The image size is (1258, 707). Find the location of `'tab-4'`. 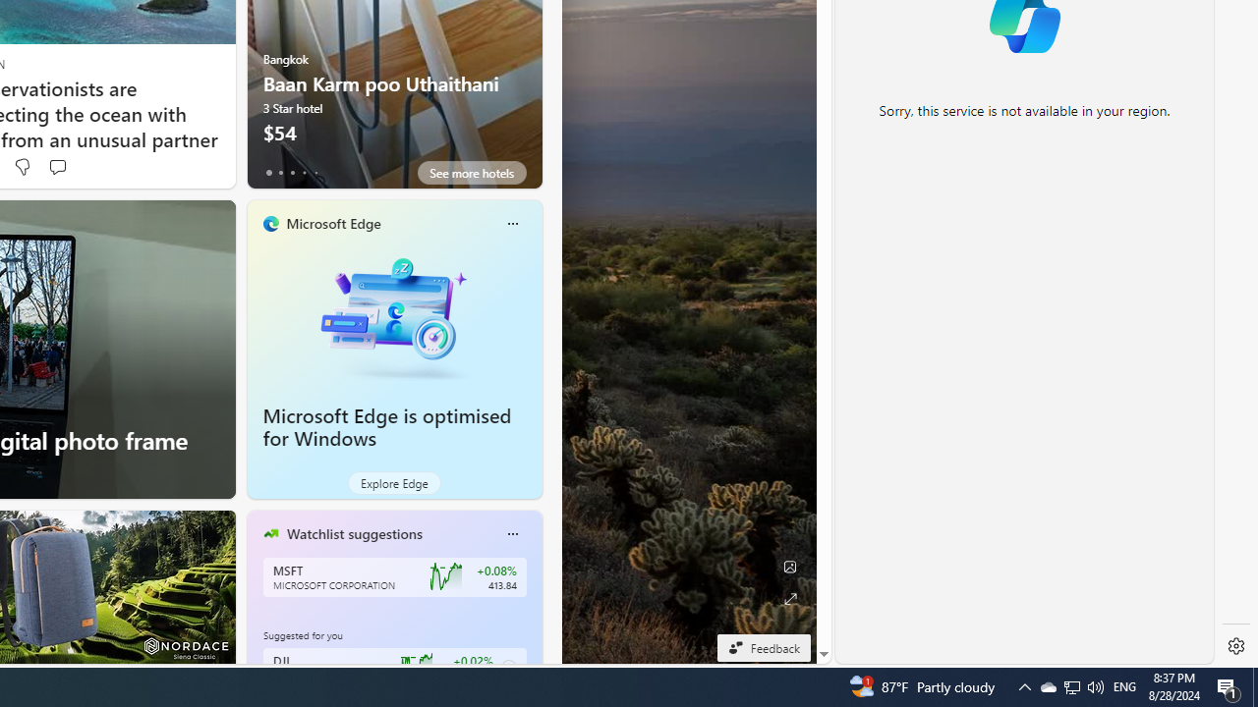

'tab-4' is located at coordinates (315, 172).